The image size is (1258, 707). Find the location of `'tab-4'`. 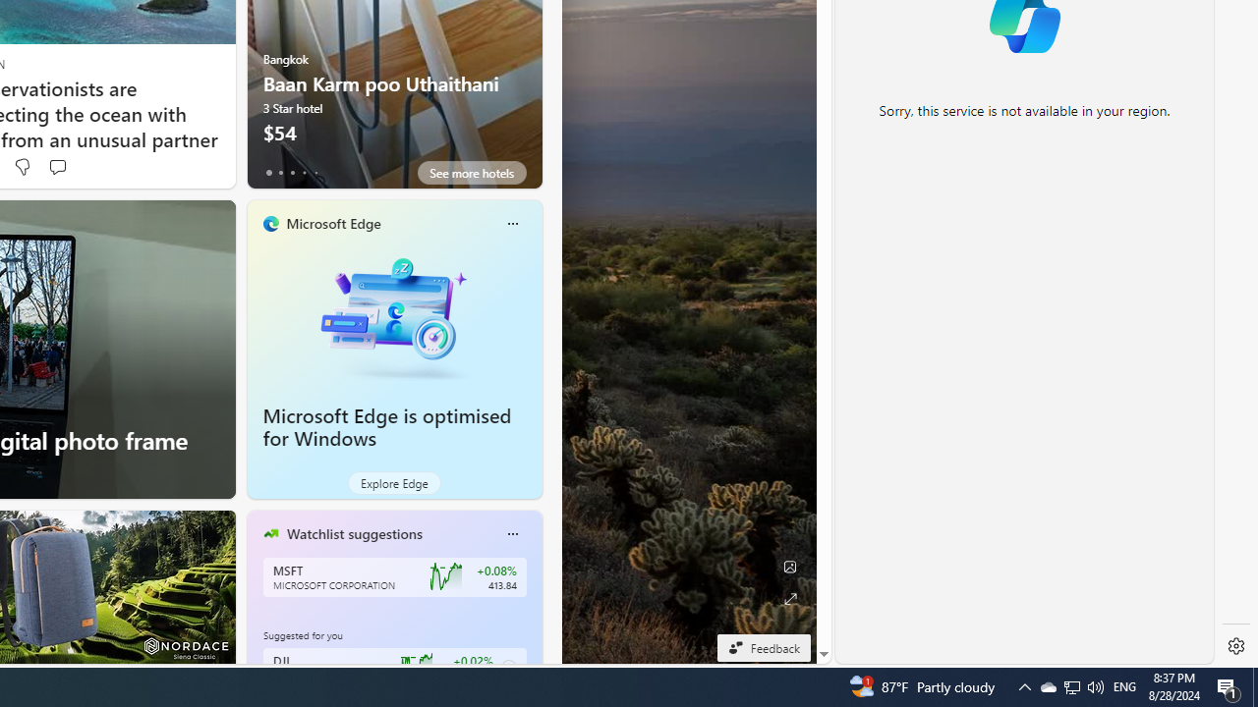

'tab-4' is located at coordinates (315, 172).